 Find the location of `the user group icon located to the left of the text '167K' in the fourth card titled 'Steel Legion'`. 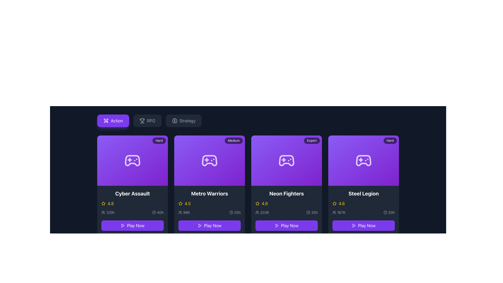

the user group icon located to the left of the text '167K' in the fourth card titled 'Steel Legion' is located at coordinates (334, 212).